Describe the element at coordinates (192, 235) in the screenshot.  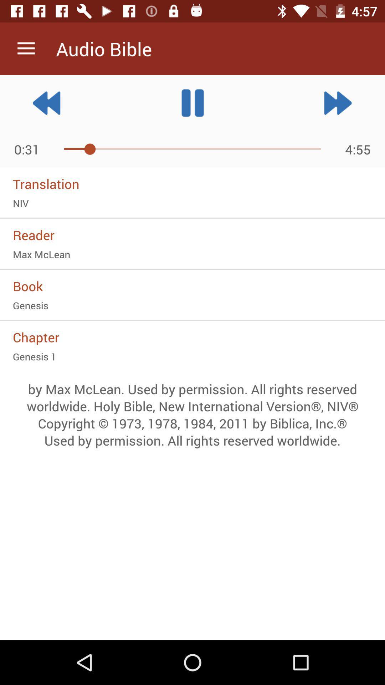
I see `item above max mclean icon` at that location.